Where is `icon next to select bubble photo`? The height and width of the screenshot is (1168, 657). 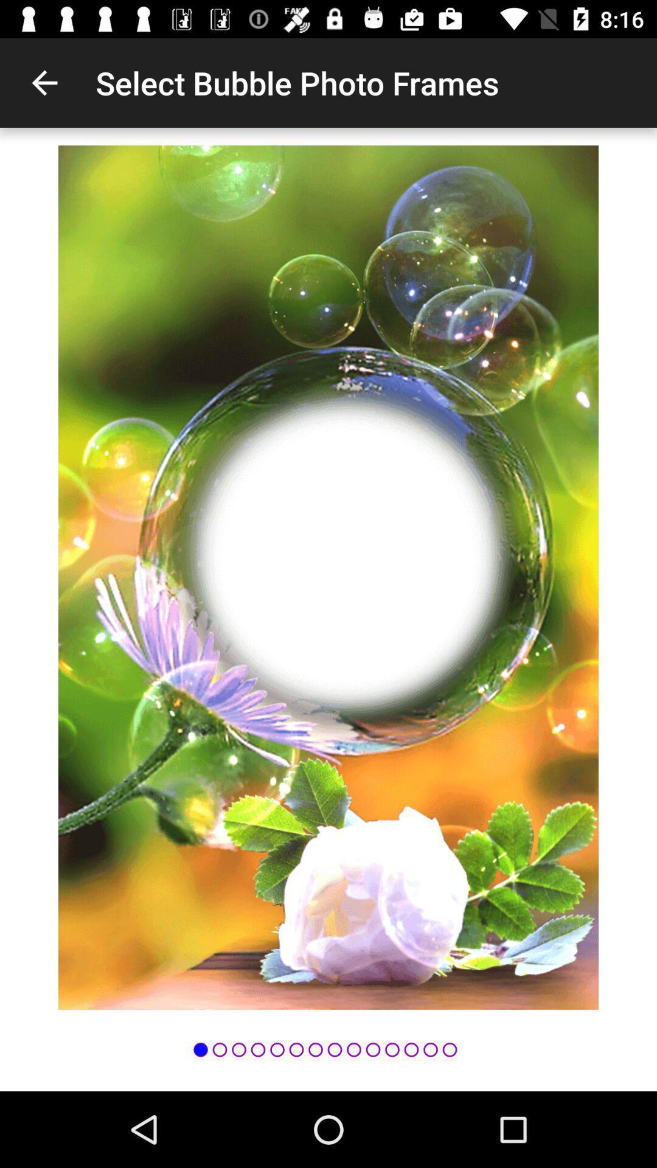
icon next to select bubble photo is located at coordinates (44, 82).